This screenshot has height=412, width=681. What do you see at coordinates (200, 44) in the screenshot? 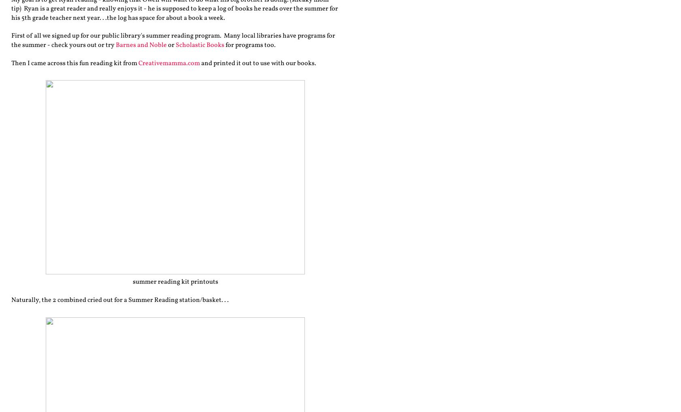
I see `'Scholastic Books'` at bounding box center [200, 44].